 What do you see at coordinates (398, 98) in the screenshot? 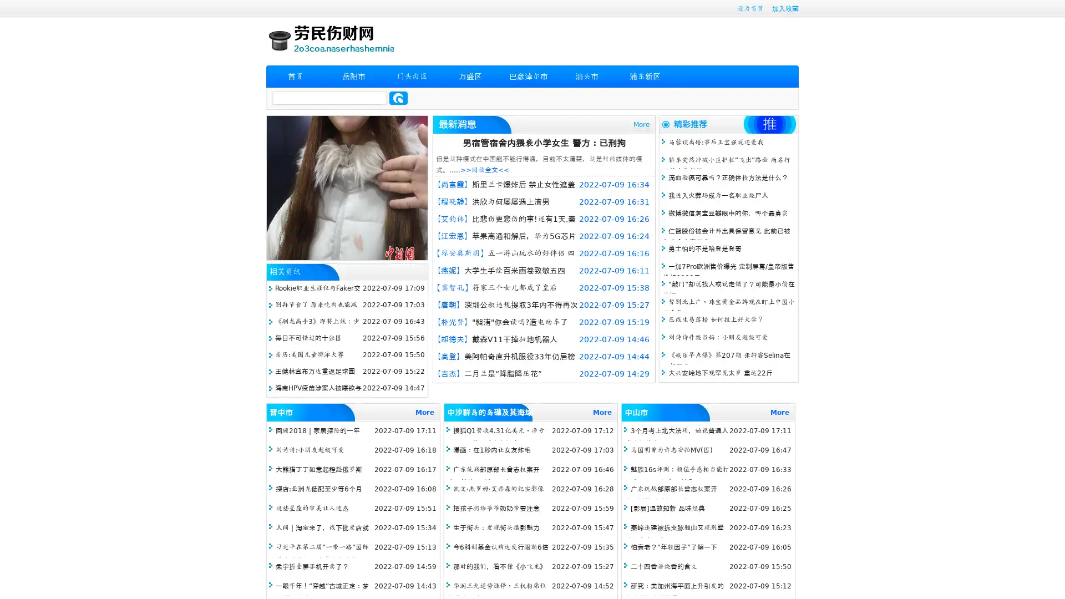
I see `Search` at bounding box center [398, 98].